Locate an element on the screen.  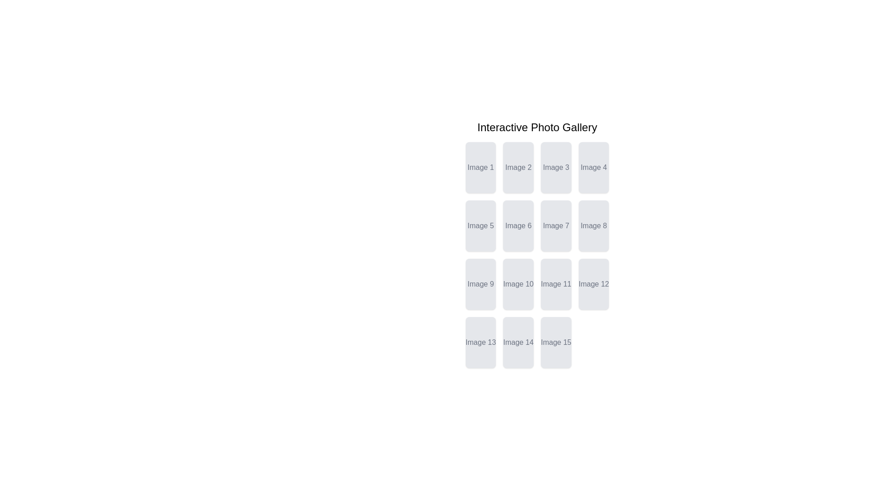
the Interactive grid item representing 'Image 13' located in the last row of the grid layout, positioned to the far left is located at coordinates (480, 343).